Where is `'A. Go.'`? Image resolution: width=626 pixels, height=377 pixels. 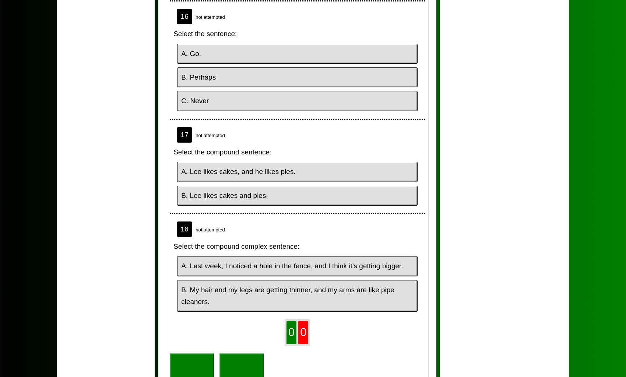 'A. Go.' is located at coordinates (191, 53).